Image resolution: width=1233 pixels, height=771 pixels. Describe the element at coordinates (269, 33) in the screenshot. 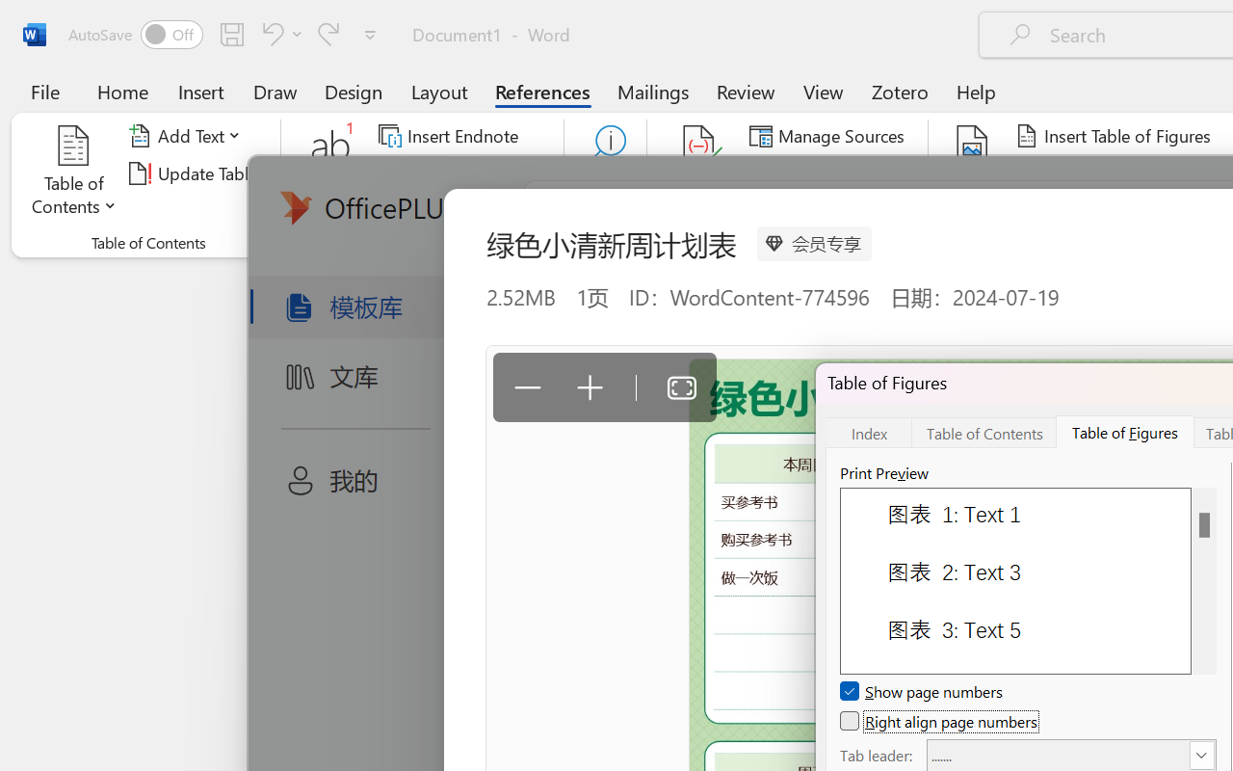

I see `'Undo Apply Quick Style Set'` at that location.